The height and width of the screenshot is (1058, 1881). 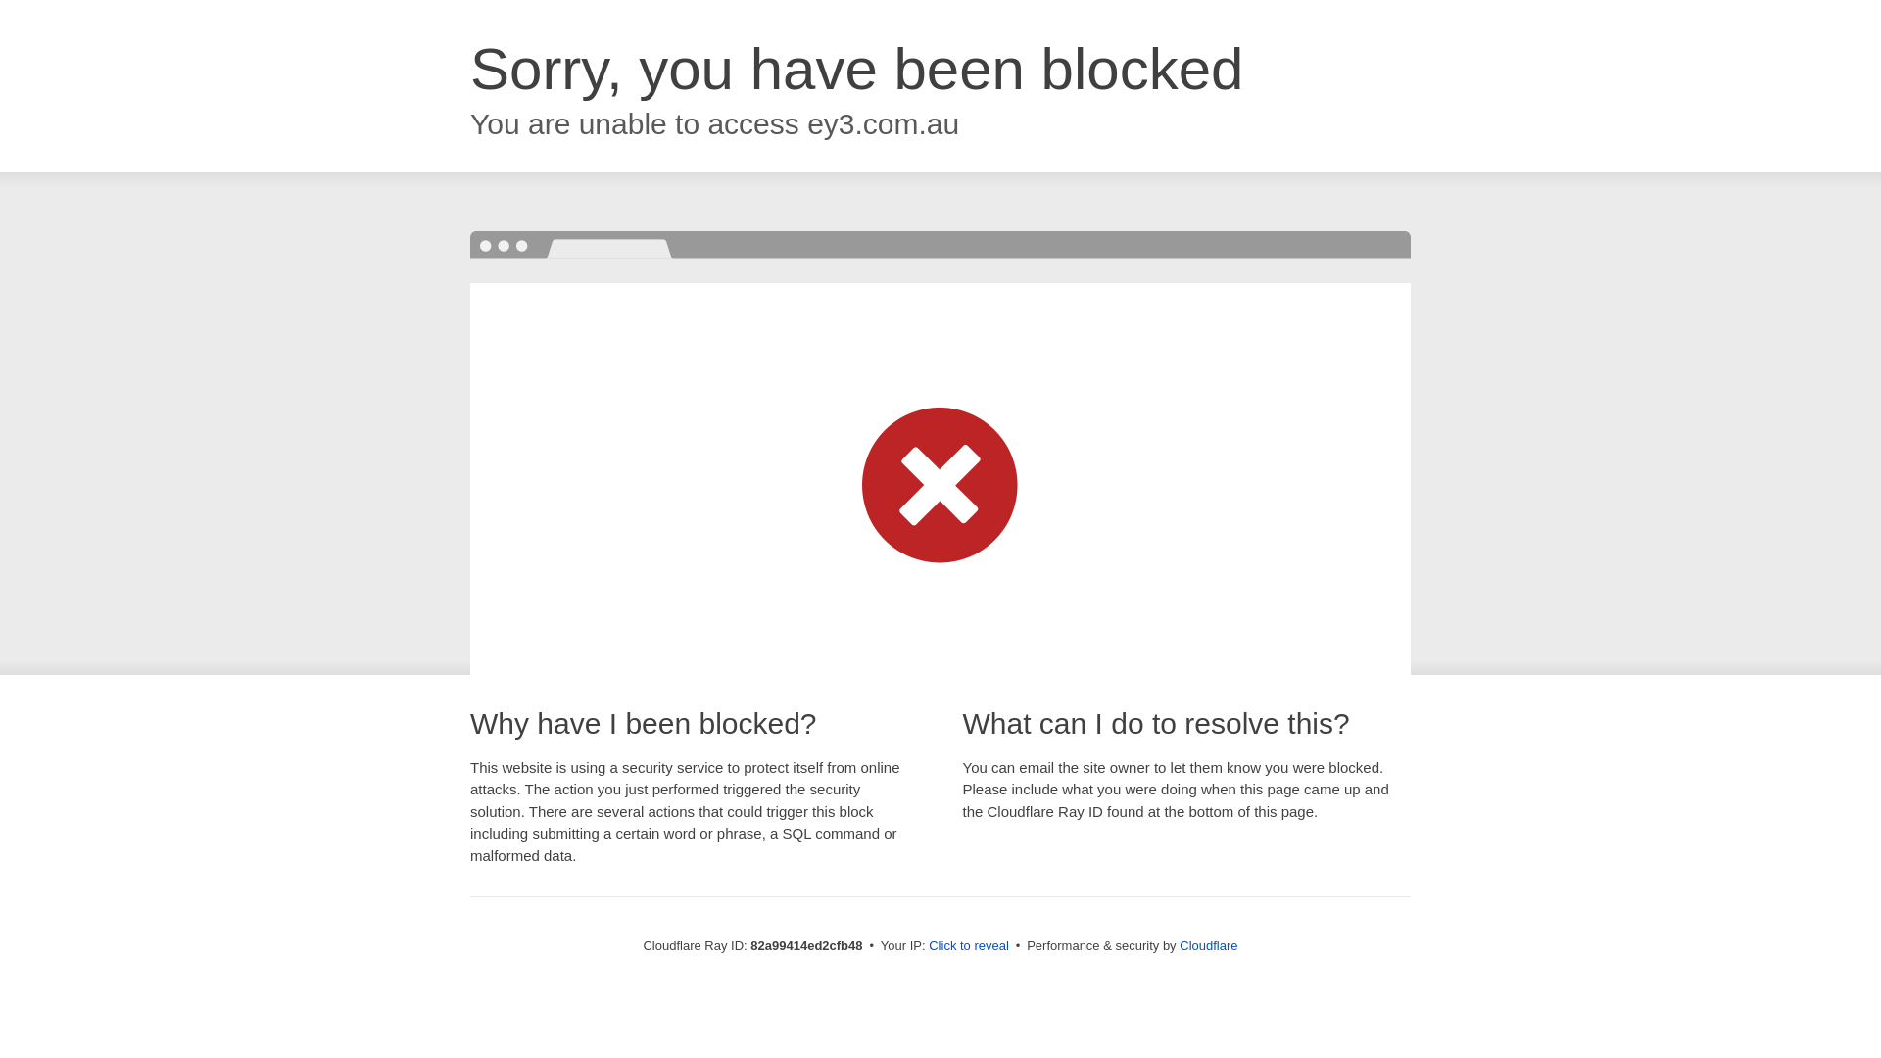 What do you see at coordinates (1179, 944) in the screenshot?
I see `'Cloudflare'` at bounding box center [1179, 944].